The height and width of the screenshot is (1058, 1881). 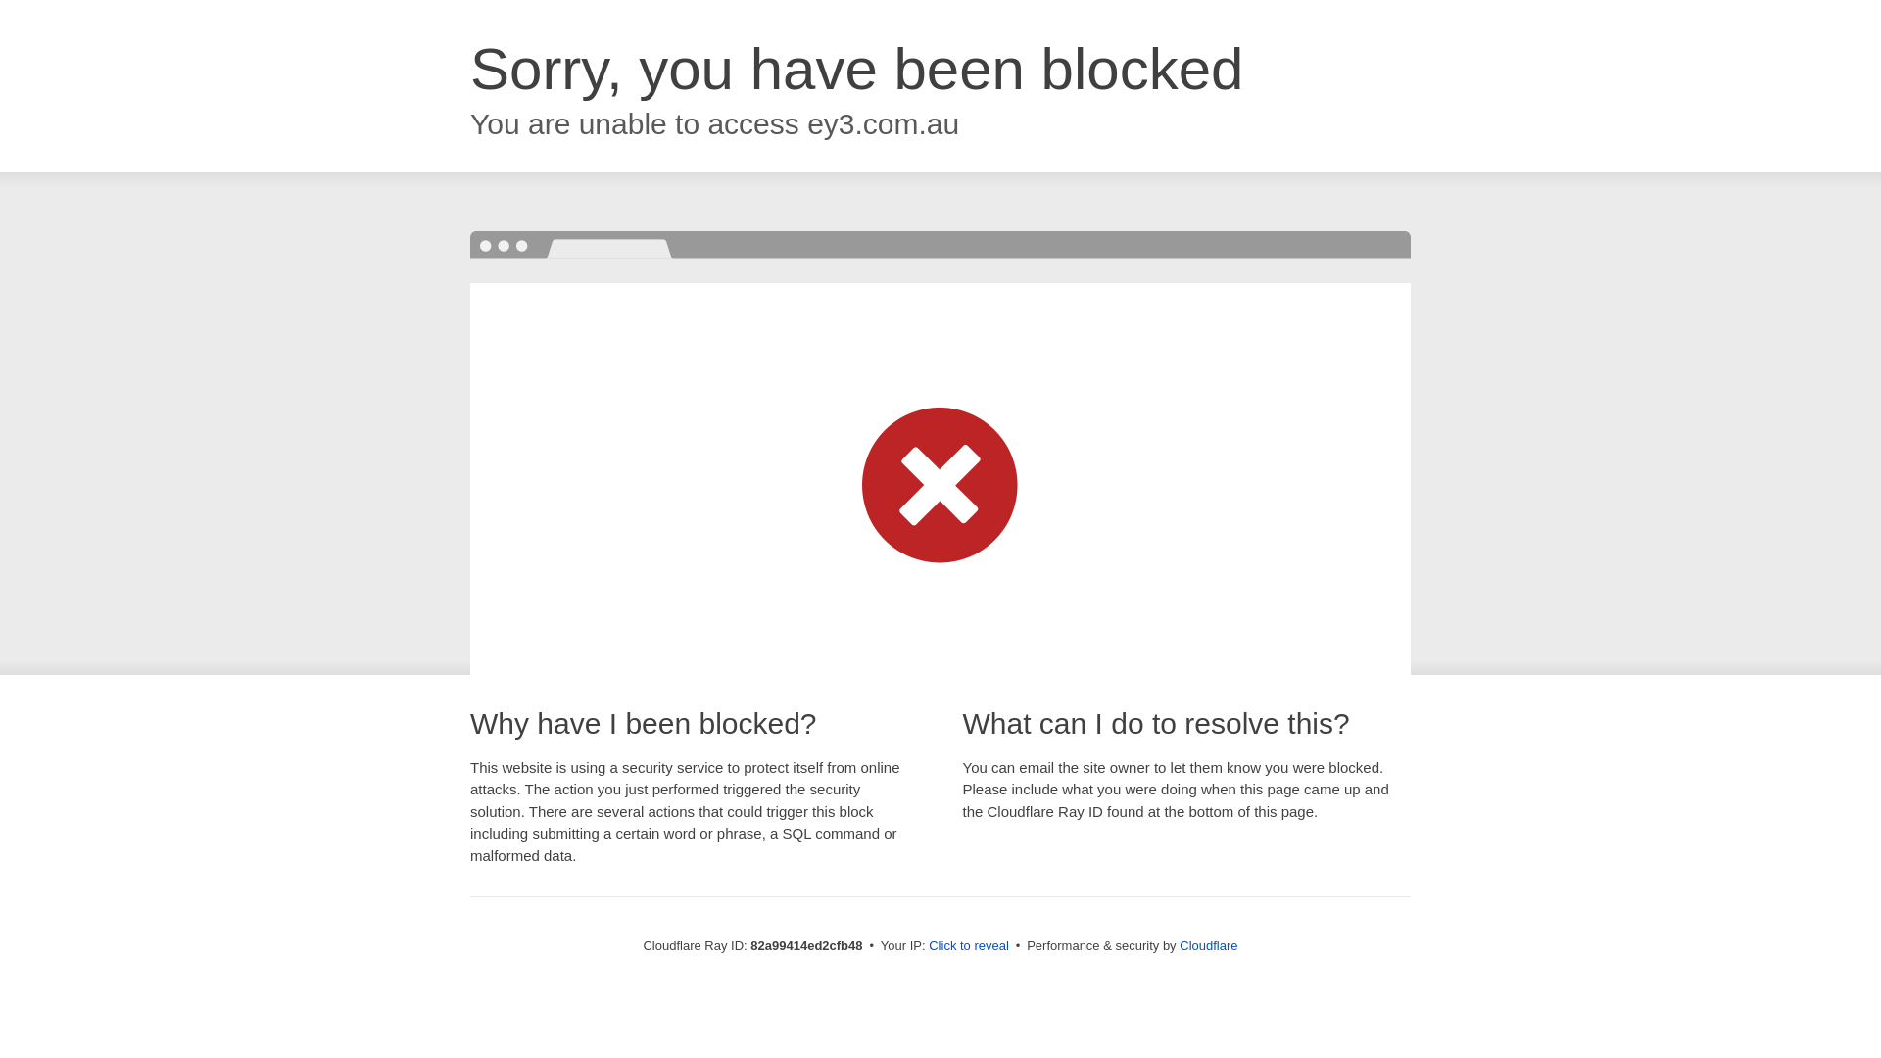 What do you see at coordinates (1179, 944) in the screenshot?
I see `'Cloudflare'` at bounding box center [1179, 944].